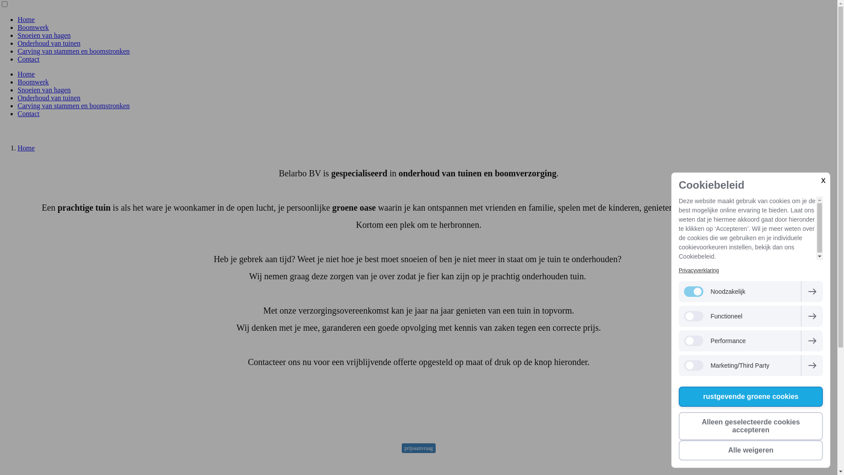 This screenshot has width=844, height=475. Describe the element at coordinates (33, 27) in the screenshot. I see `'Boomwerk'` at that location.